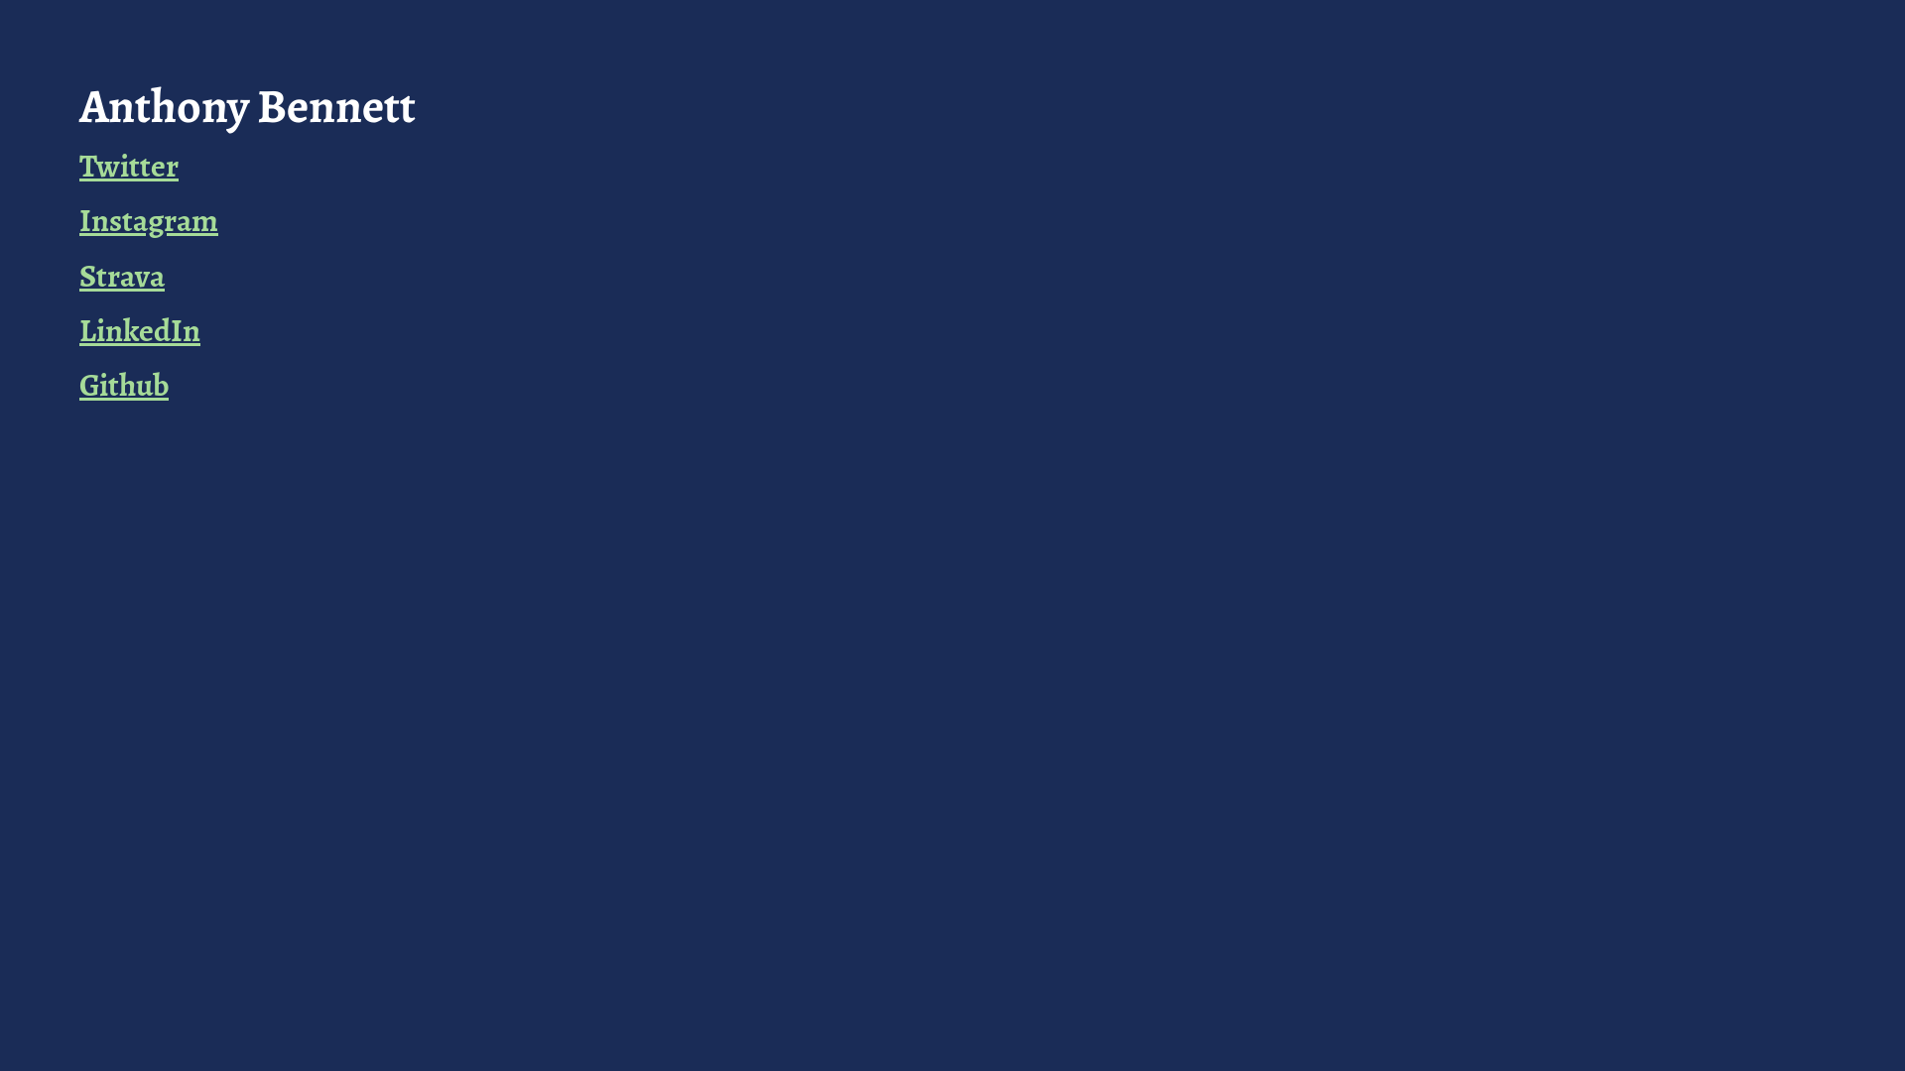  Describe the element at coordinates (79, 385) in the screenshot. I see `'Github'` at that location.